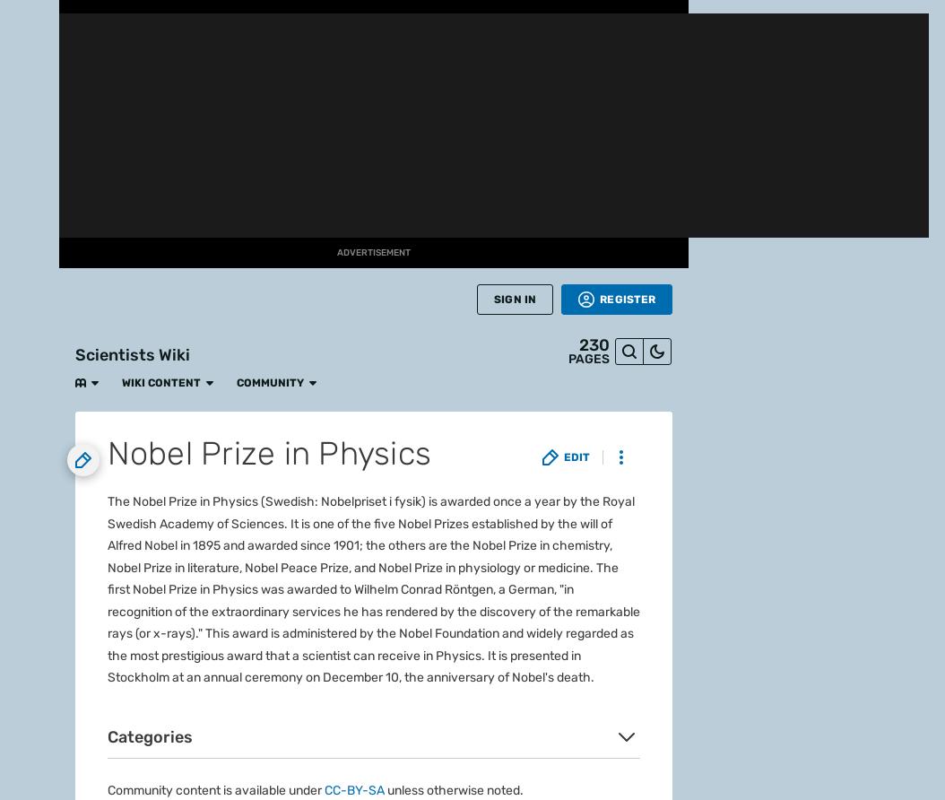 Image resolution: width=945 pixels, height=800 pixels. What do you see at coordinates (135, 72) in the screenshot?
I see `'Explore properties'` at bounding box center [135, 72].